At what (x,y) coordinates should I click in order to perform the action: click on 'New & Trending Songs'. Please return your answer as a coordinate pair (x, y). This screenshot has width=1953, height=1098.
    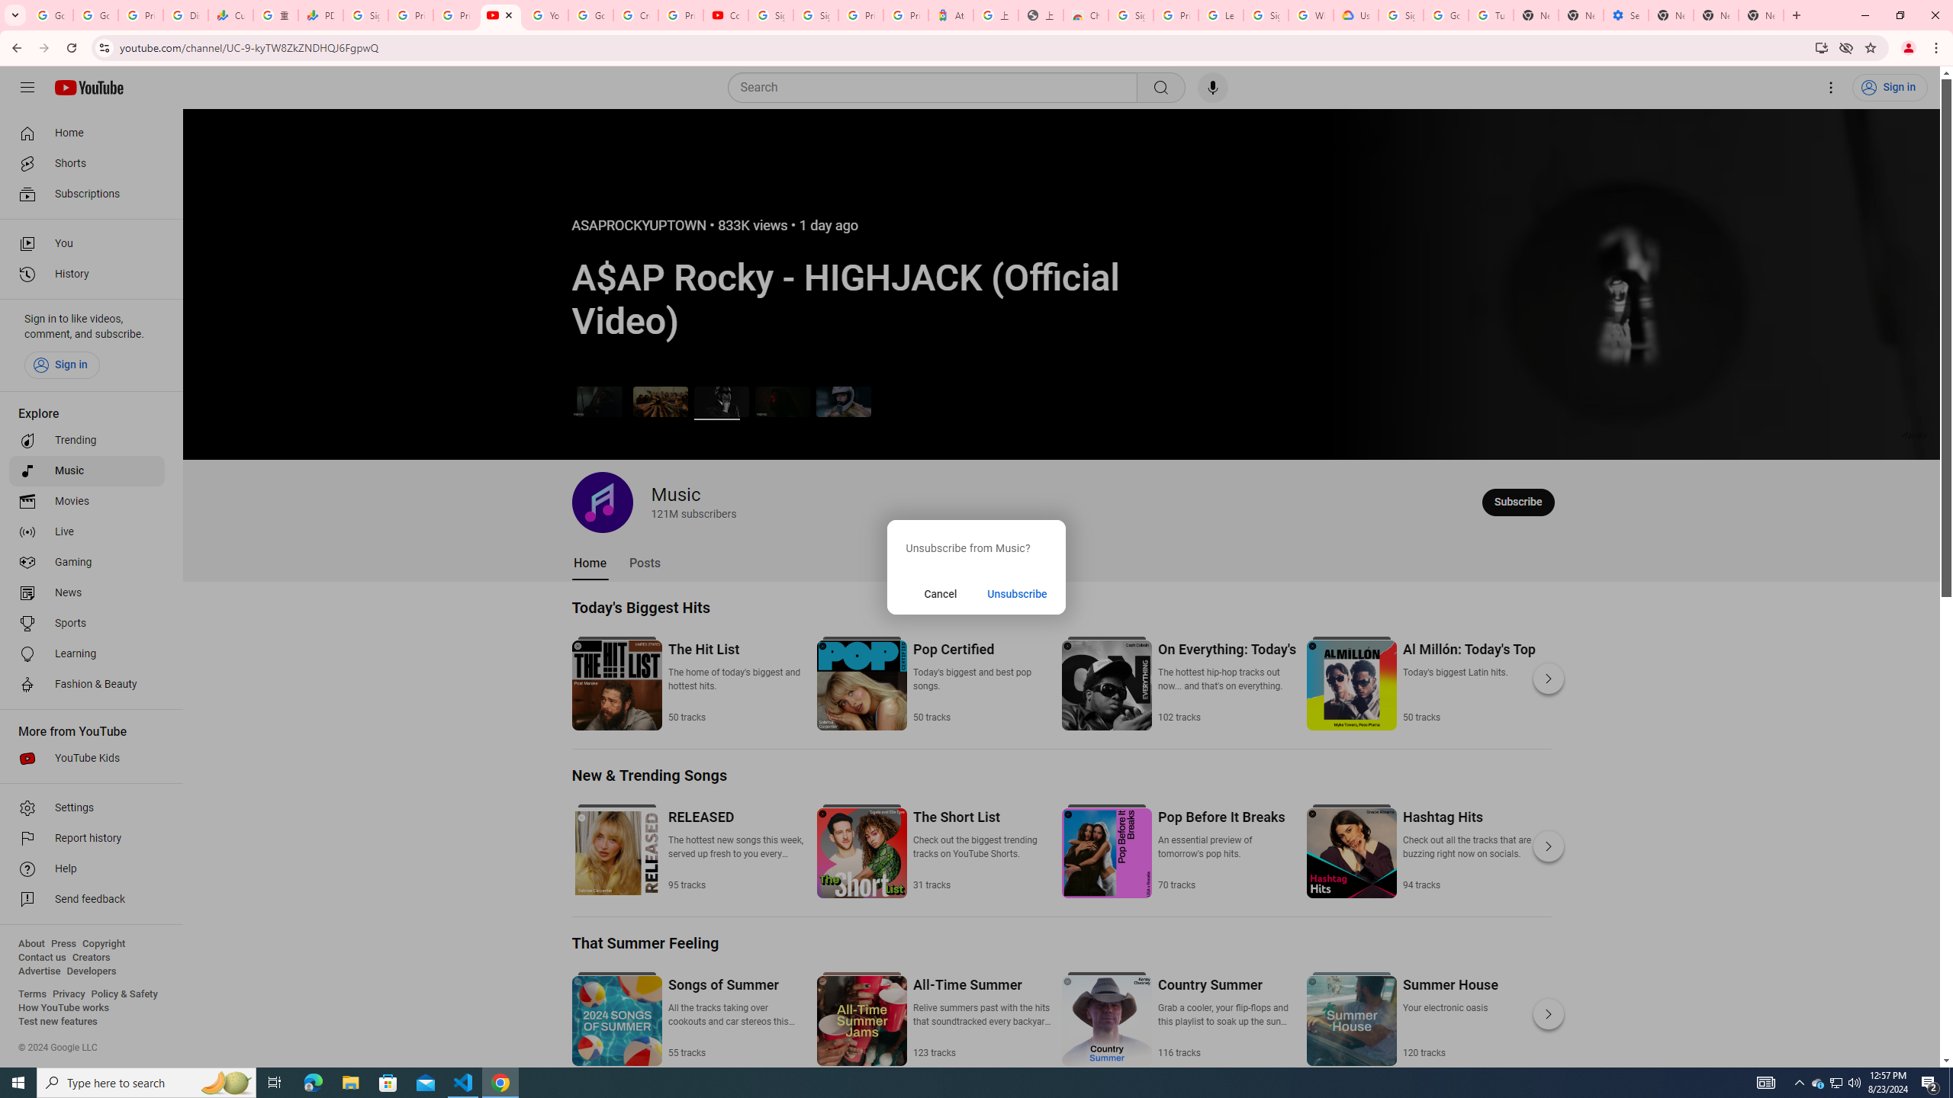
    Looking at the image, I should click on (649, 775).